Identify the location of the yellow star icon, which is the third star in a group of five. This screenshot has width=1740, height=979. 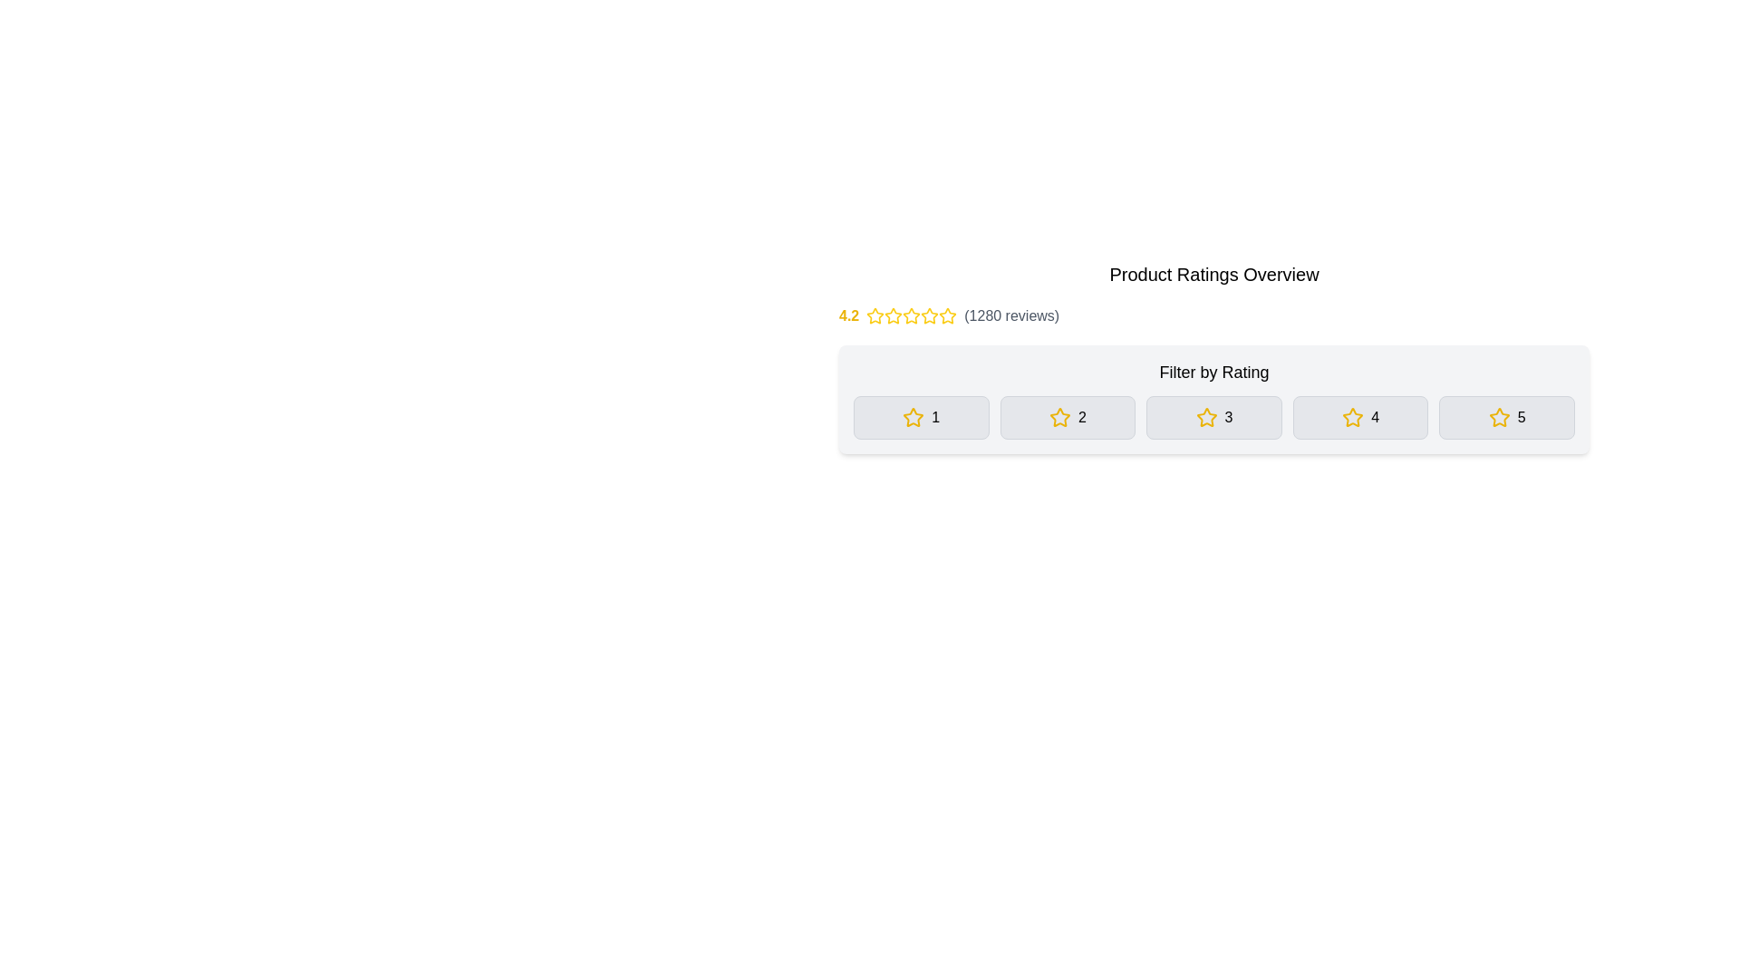
(894, 315).